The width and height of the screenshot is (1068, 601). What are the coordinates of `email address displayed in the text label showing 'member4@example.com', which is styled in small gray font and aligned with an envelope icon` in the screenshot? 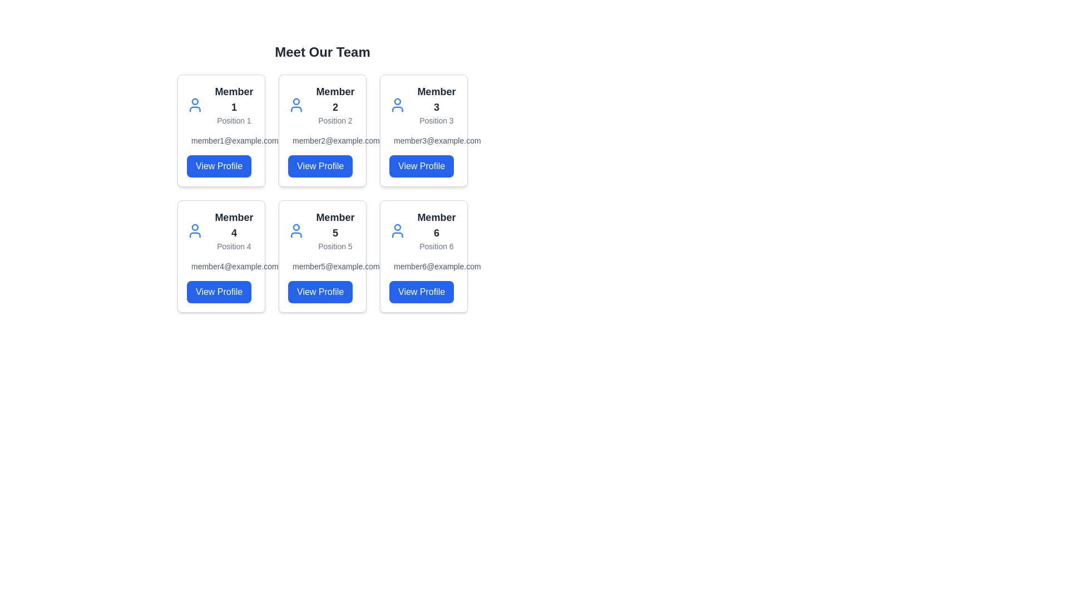 It's located at (221, 266).